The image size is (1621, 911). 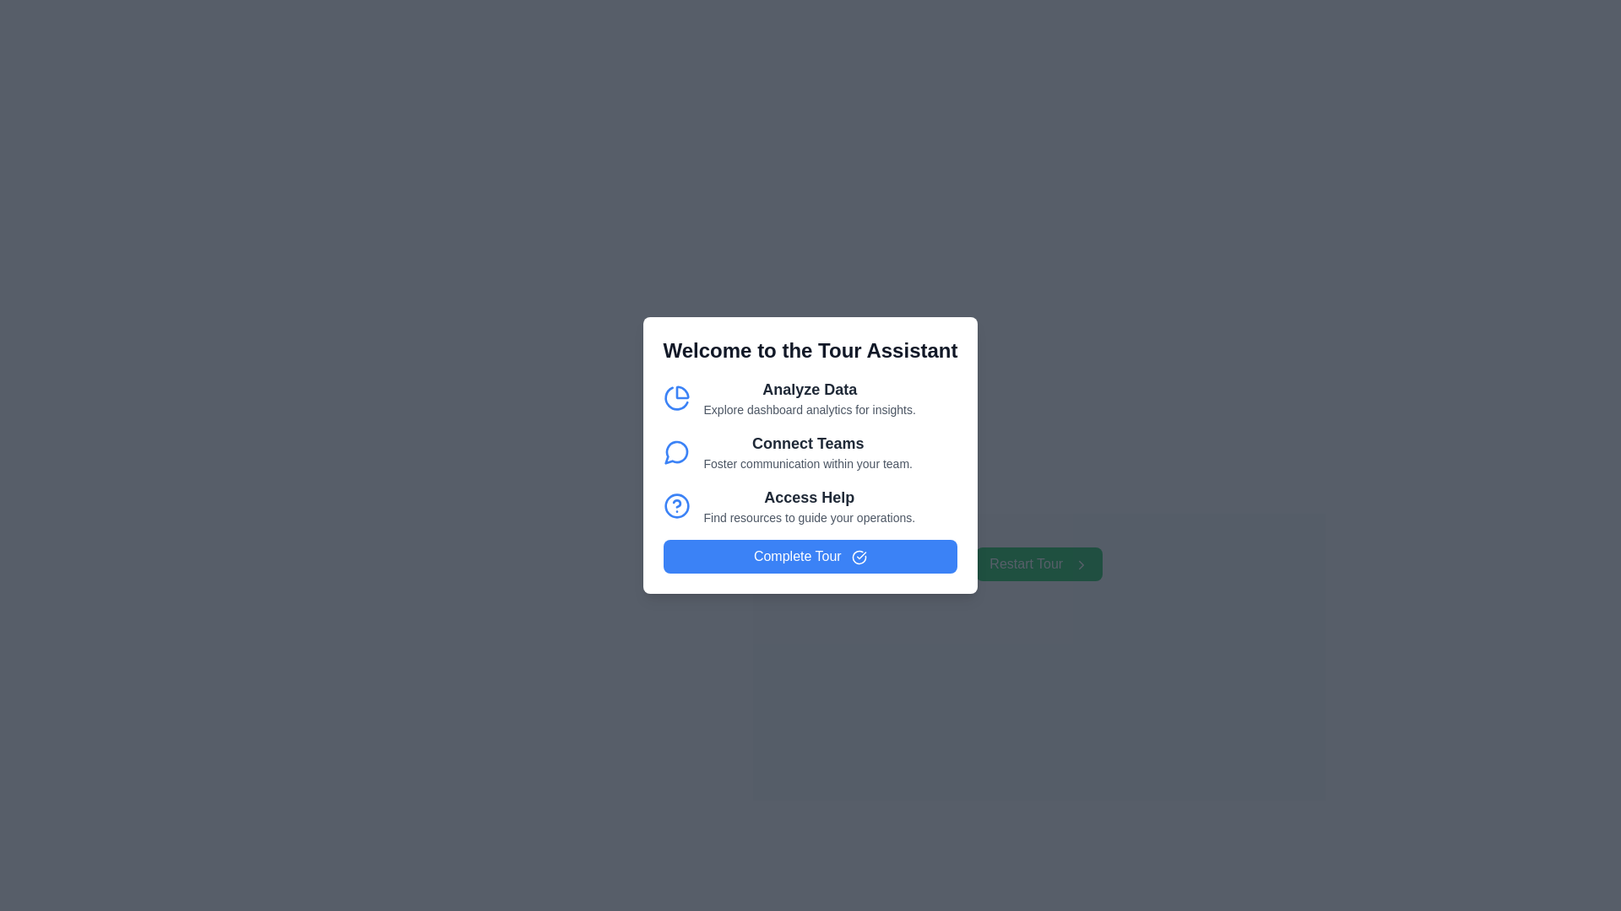 What do you see at coordinates (676, 451) in the screenshot?
I see `the communication or messaging icon located to the left of the 'Connect Teams' text` at bounding box center [676, 451].